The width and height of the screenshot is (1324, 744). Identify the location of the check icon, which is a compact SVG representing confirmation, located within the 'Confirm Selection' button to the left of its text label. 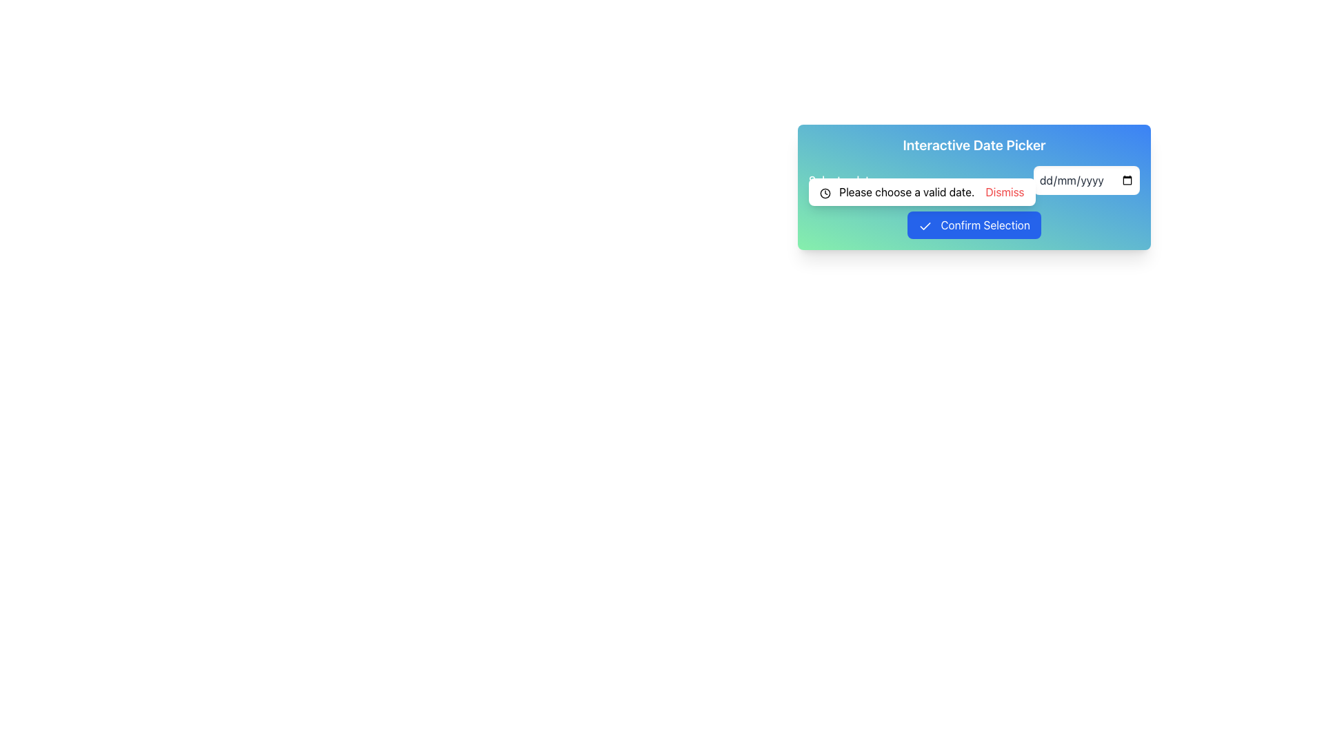
(925, 225).